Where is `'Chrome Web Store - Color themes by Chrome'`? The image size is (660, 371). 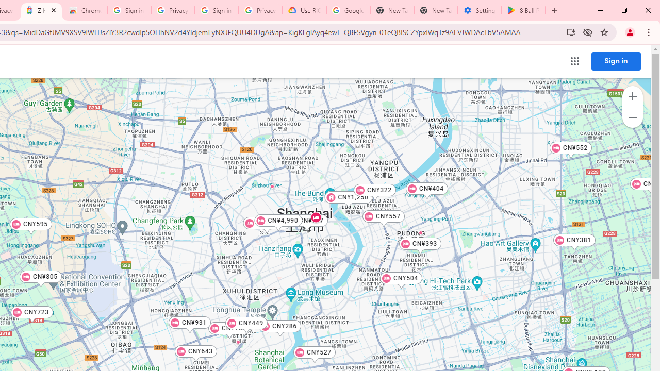
'Chrome Web Store - Color themes by Chrome' is located at coordinates (85, 10).